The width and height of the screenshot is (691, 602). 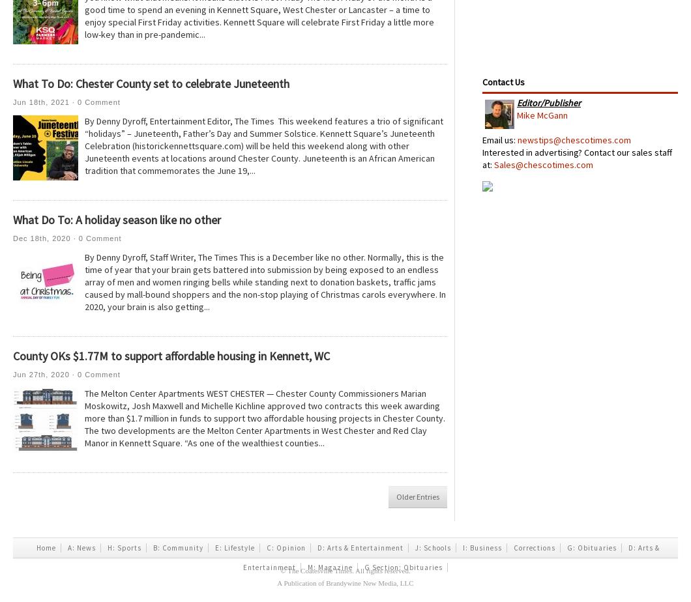 I want to click on 'A Publication of Brandywine New Media, LLC', so click(x=276, y=582).